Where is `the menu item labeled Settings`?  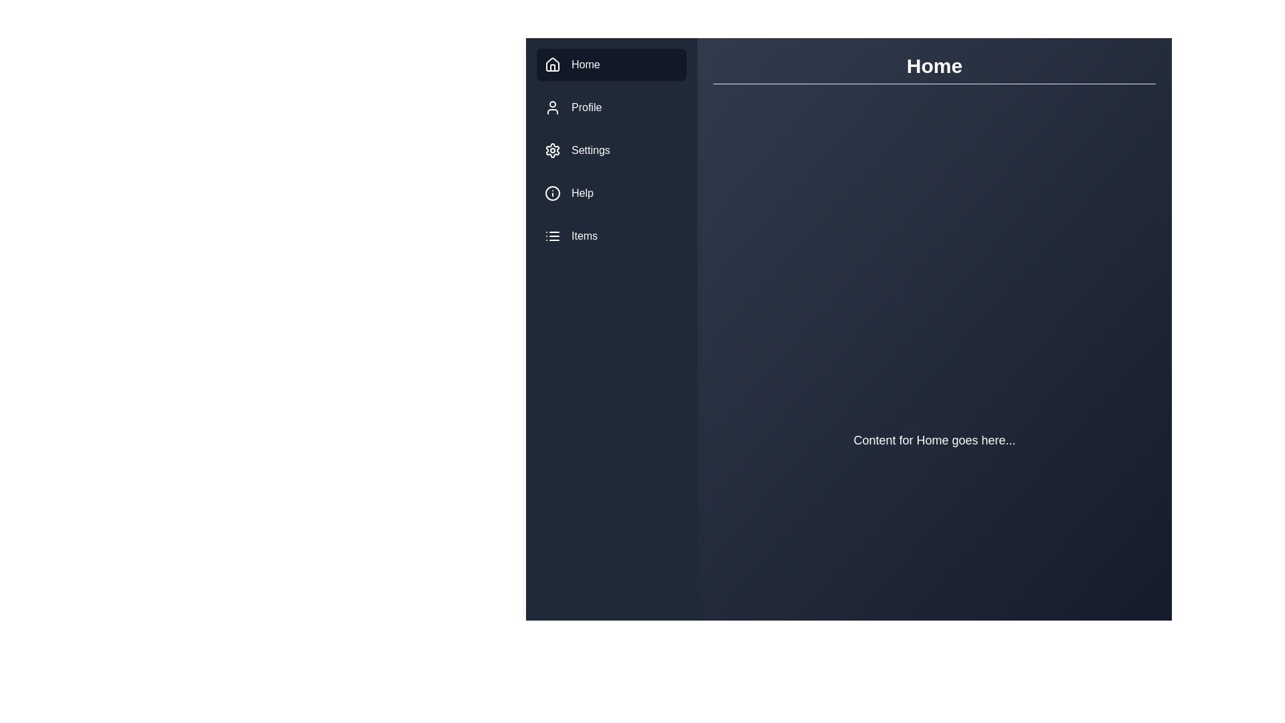
the menu item labeled Settings is located at coordinates (610, 150).